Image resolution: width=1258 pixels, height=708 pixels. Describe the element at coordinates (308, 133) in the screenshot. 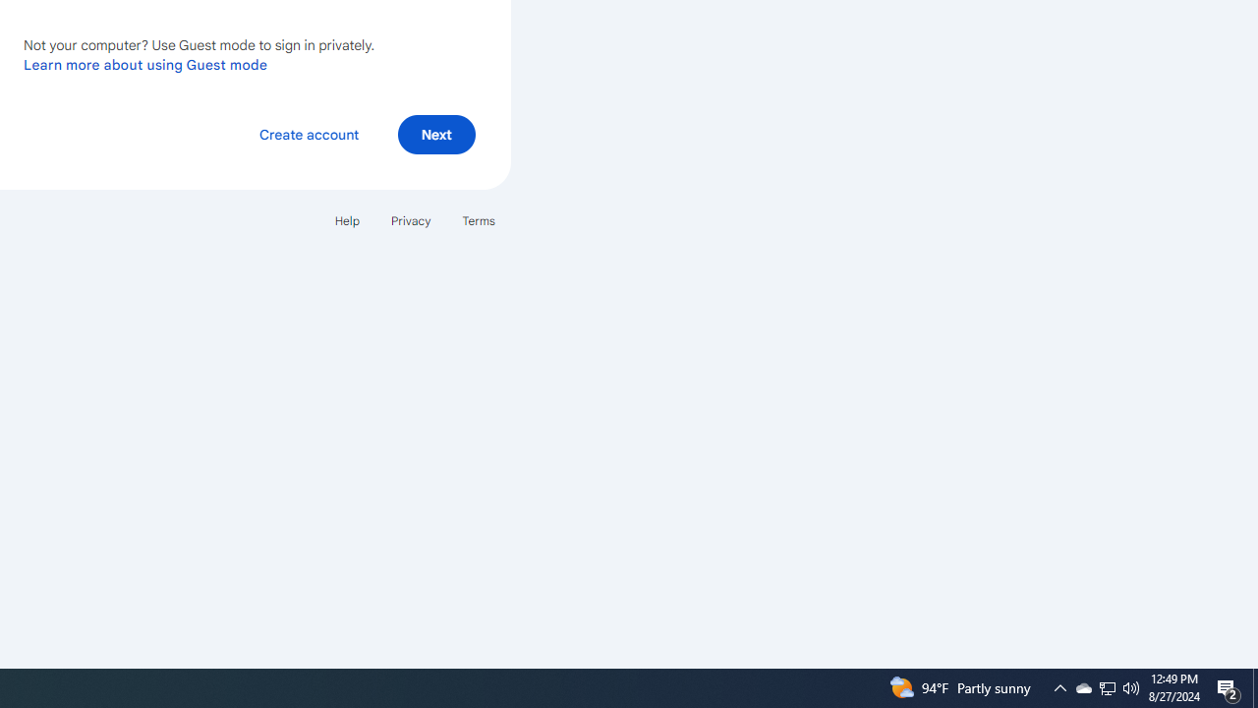

I see `'Create account'` at that location.